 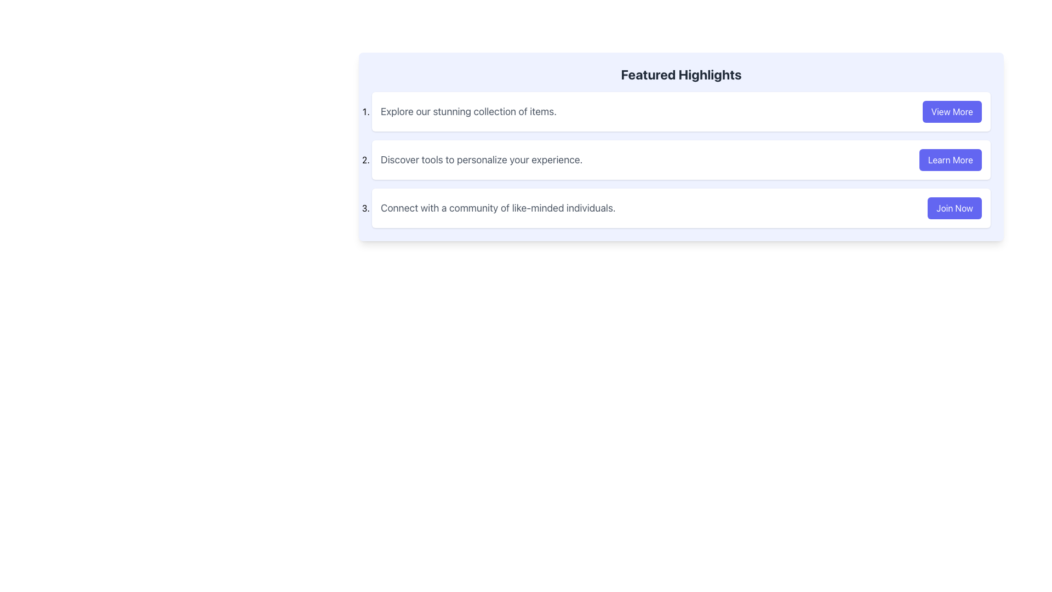 I want to click on the 'Learn More' button, which is a rectangular element with rounded corners, a purple background, and white text, positioned to the right of the description 'Discover tools to personalize your experience.', so click(x=950, y=160).